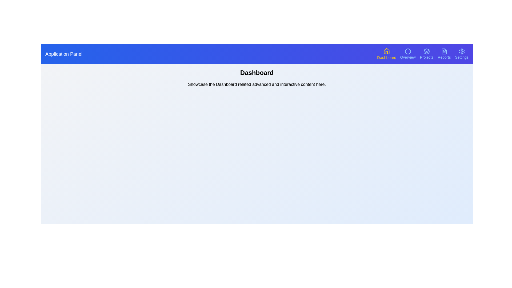 Image resolution: width=512 pixels, height=288 pixels. I want to click on the navigation button corresponding to Settings, so click(461, 54).